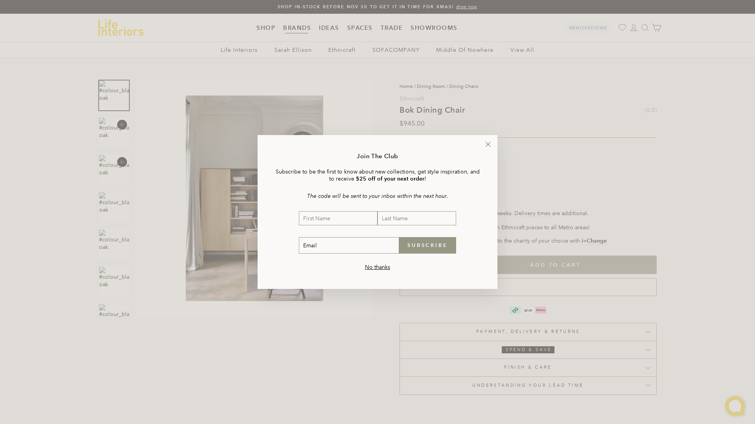 The width and height of the screenshot is (755, 424). I want to click on 'TRADE', so click(376, 27).